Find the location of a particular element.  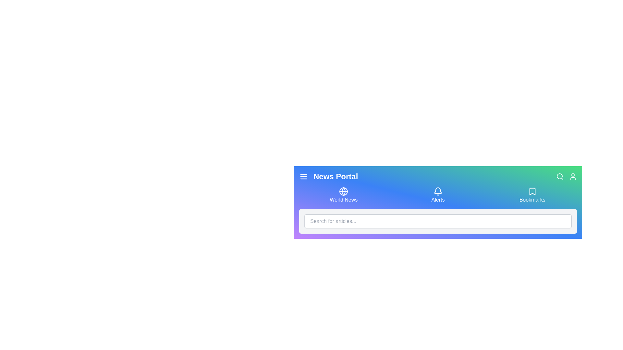

the search bar and type the query 'example query' is located at coordinates (438, 221).